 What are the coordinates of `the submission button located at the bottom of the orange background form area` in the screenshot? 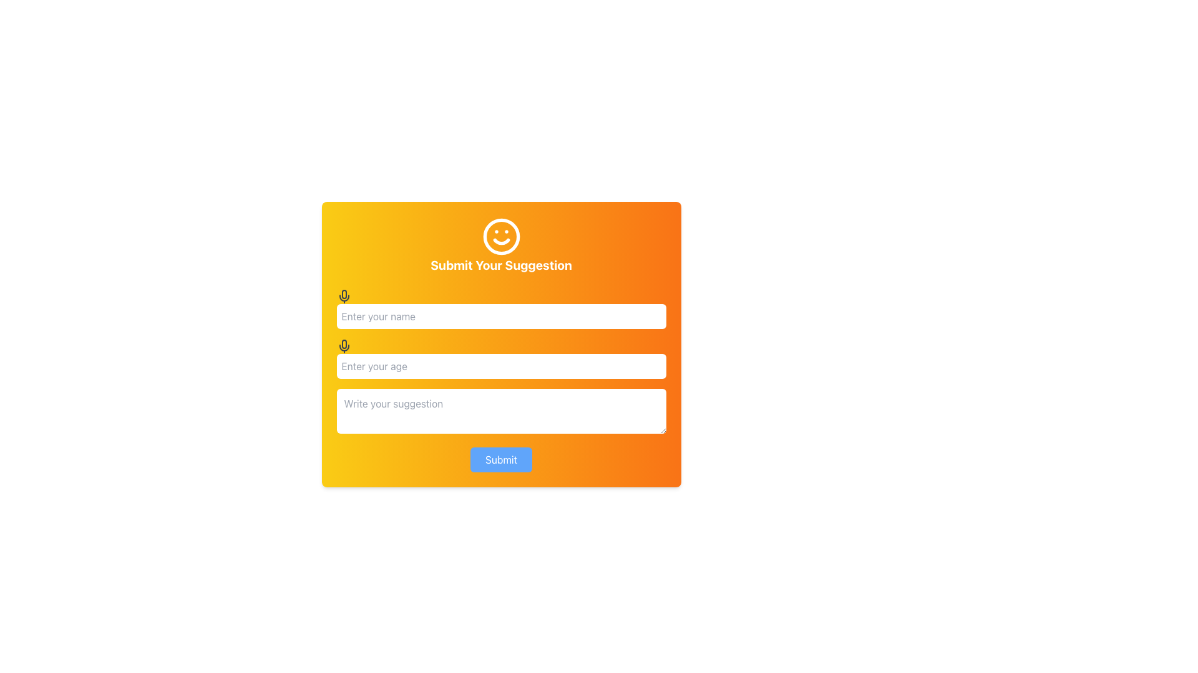 It's located at (501, 459).